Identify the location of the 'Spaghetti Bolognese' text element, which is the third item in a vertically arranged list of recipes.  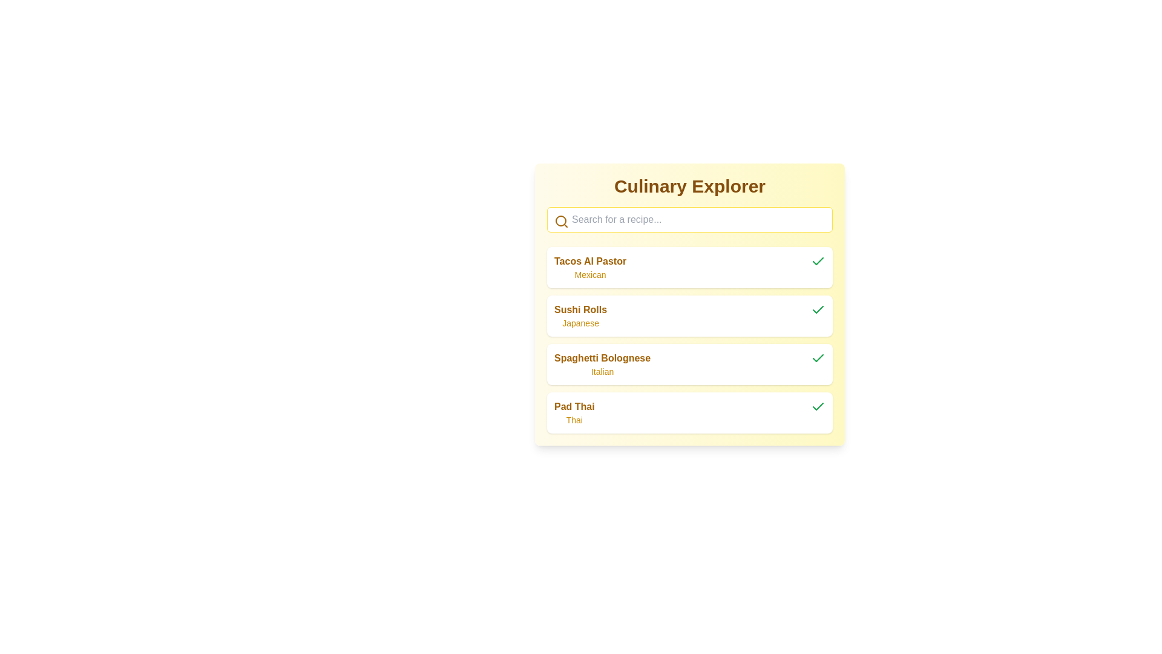
(602, 363).